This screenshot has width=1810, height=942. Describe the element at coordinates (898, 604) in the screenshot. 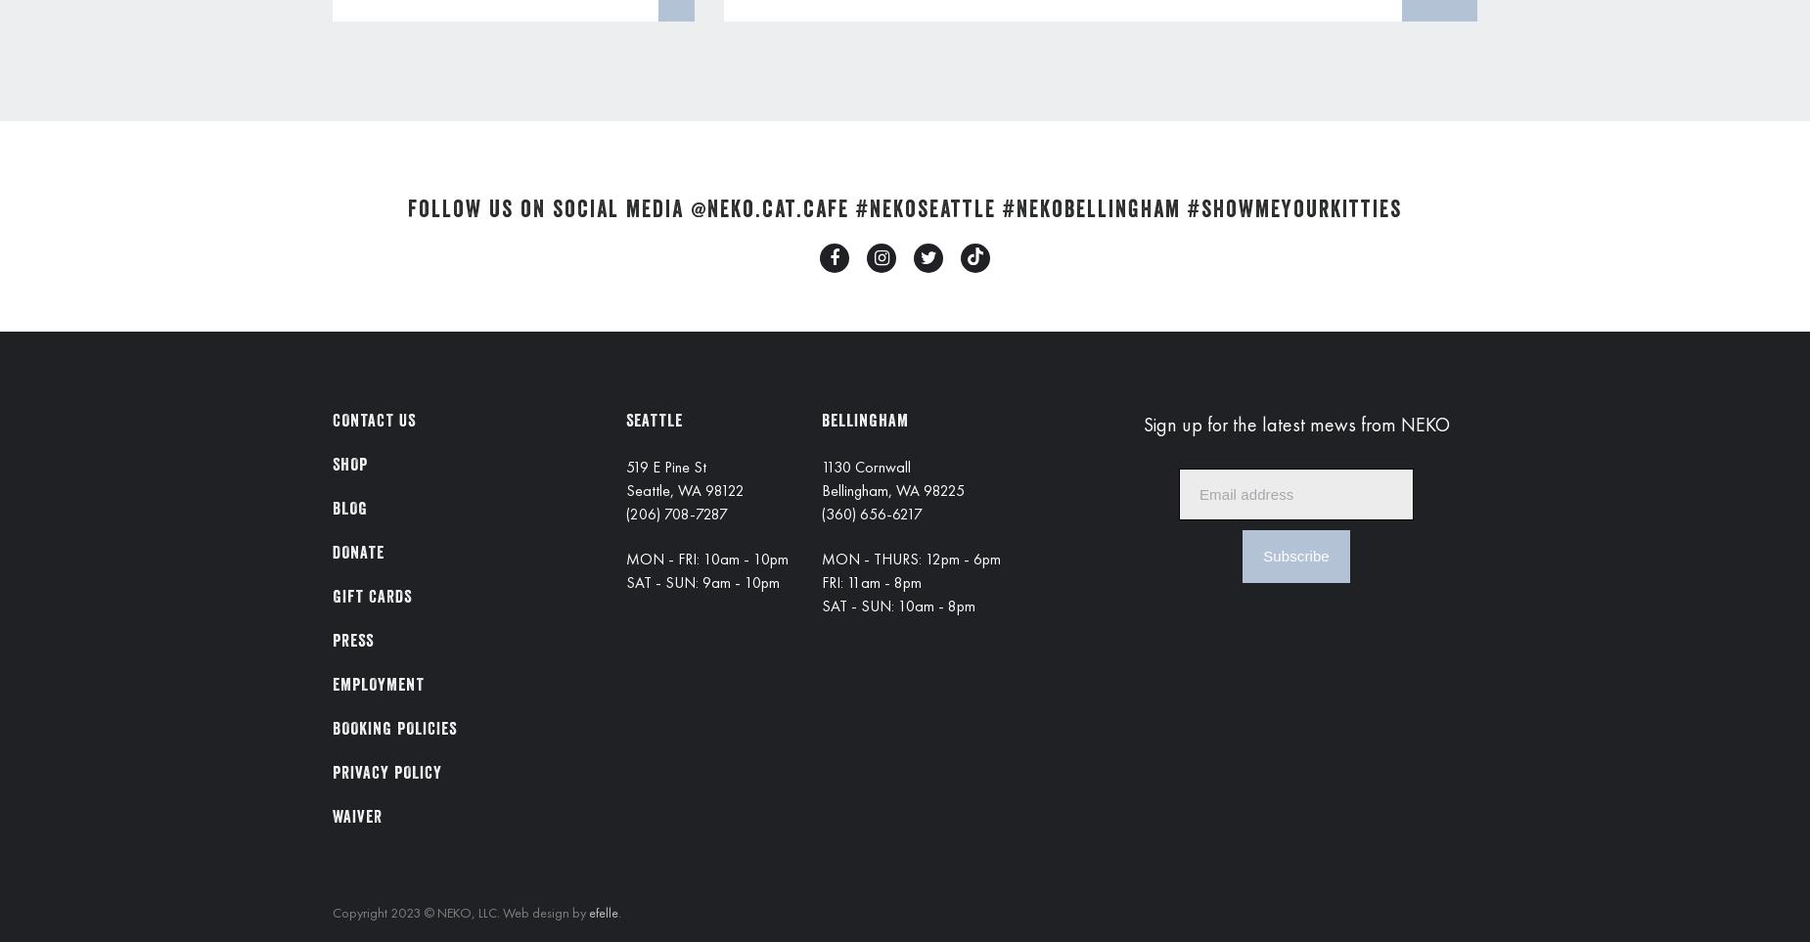

I see `'SAT - SUN: 10am - 8pm'` at that location.